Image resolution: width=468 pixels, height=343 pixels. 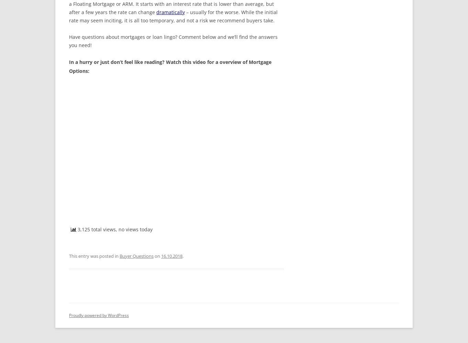 I want to click on '3,125 total views, no views today', so click(x=76, y=229).